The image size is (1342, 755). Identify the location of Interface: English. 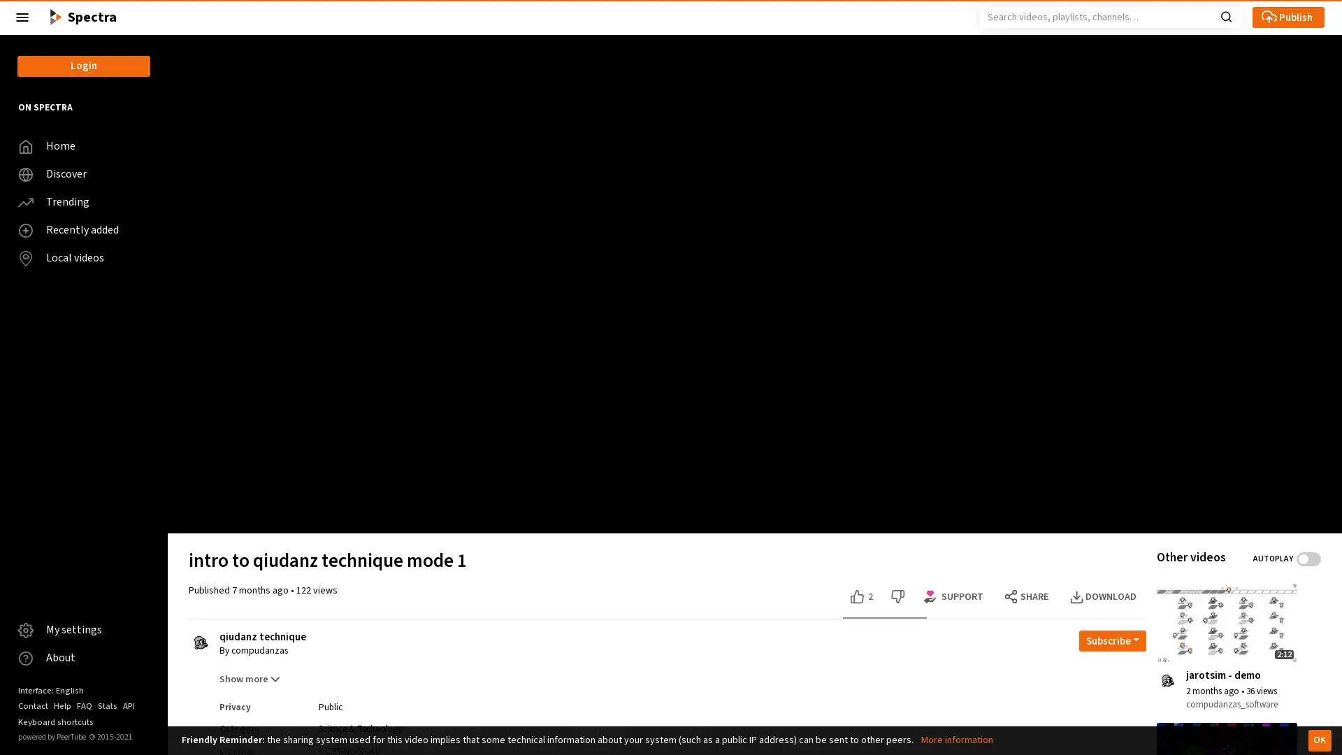
(50, 689).